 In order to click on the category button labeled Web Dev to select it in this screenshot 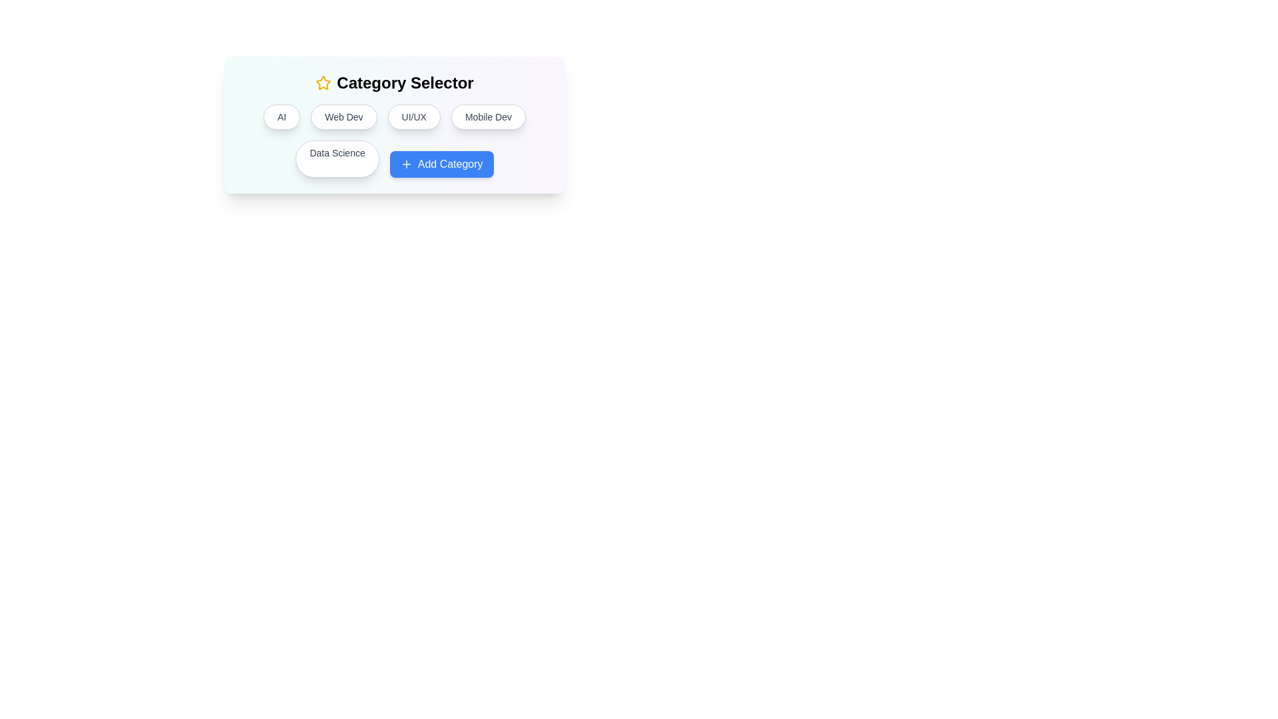, I will do `click(343, 117)`.